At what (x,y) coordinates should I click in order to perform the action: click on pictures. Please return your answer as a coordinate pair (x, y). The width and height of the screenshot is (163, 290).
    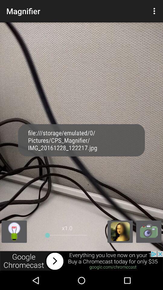
    Looking at the image, I should click on (120, 231).